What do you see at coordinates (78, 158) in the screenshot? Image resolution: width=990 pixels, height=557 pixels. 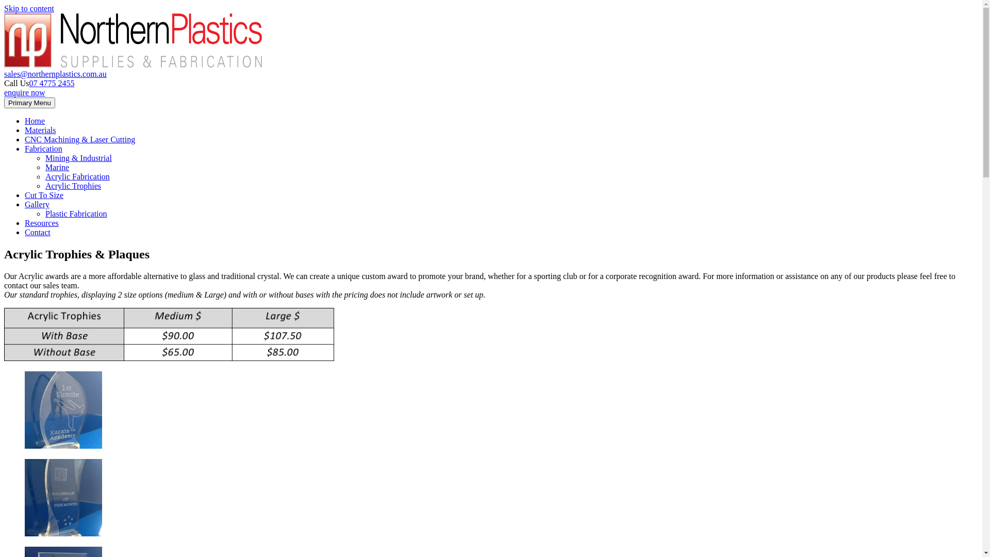 I see `'Mining & Industrial'` at bounding box center [78, 158].